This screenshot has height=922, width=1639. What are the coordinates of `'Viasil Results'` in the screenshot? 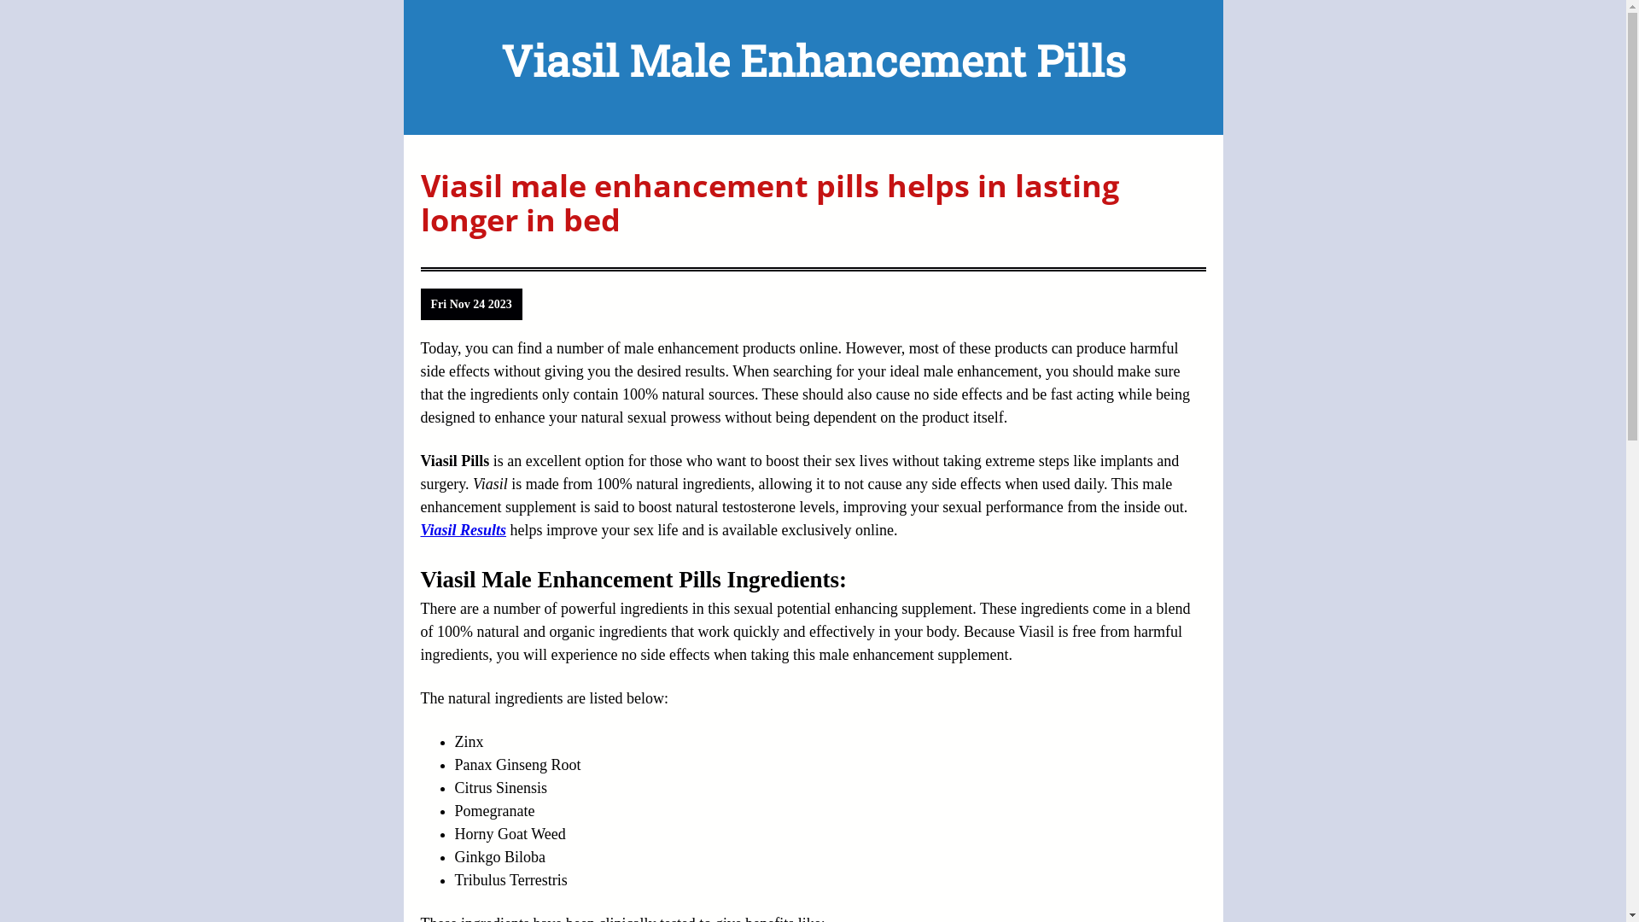 It's located at (463, 529).